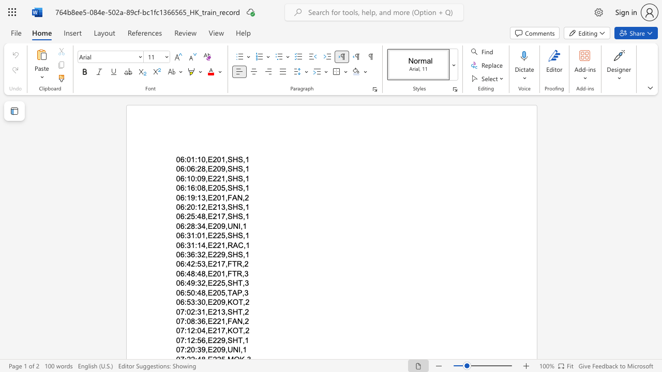 This screenshot has width=662, height=372. What do you see at coordinates (224, 302) in the screenshot?
I see `the space between the continuous character "9" and "," in the text` at bounding box center [224, 302].